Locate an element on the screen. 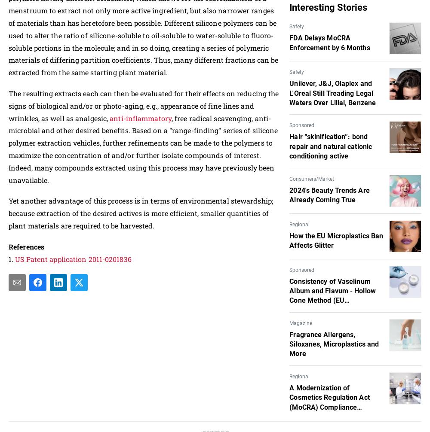 The image size is (430, 432). 'How the EU Microplastics Ban Affects Glitter' is located at coordinates (289, 240).